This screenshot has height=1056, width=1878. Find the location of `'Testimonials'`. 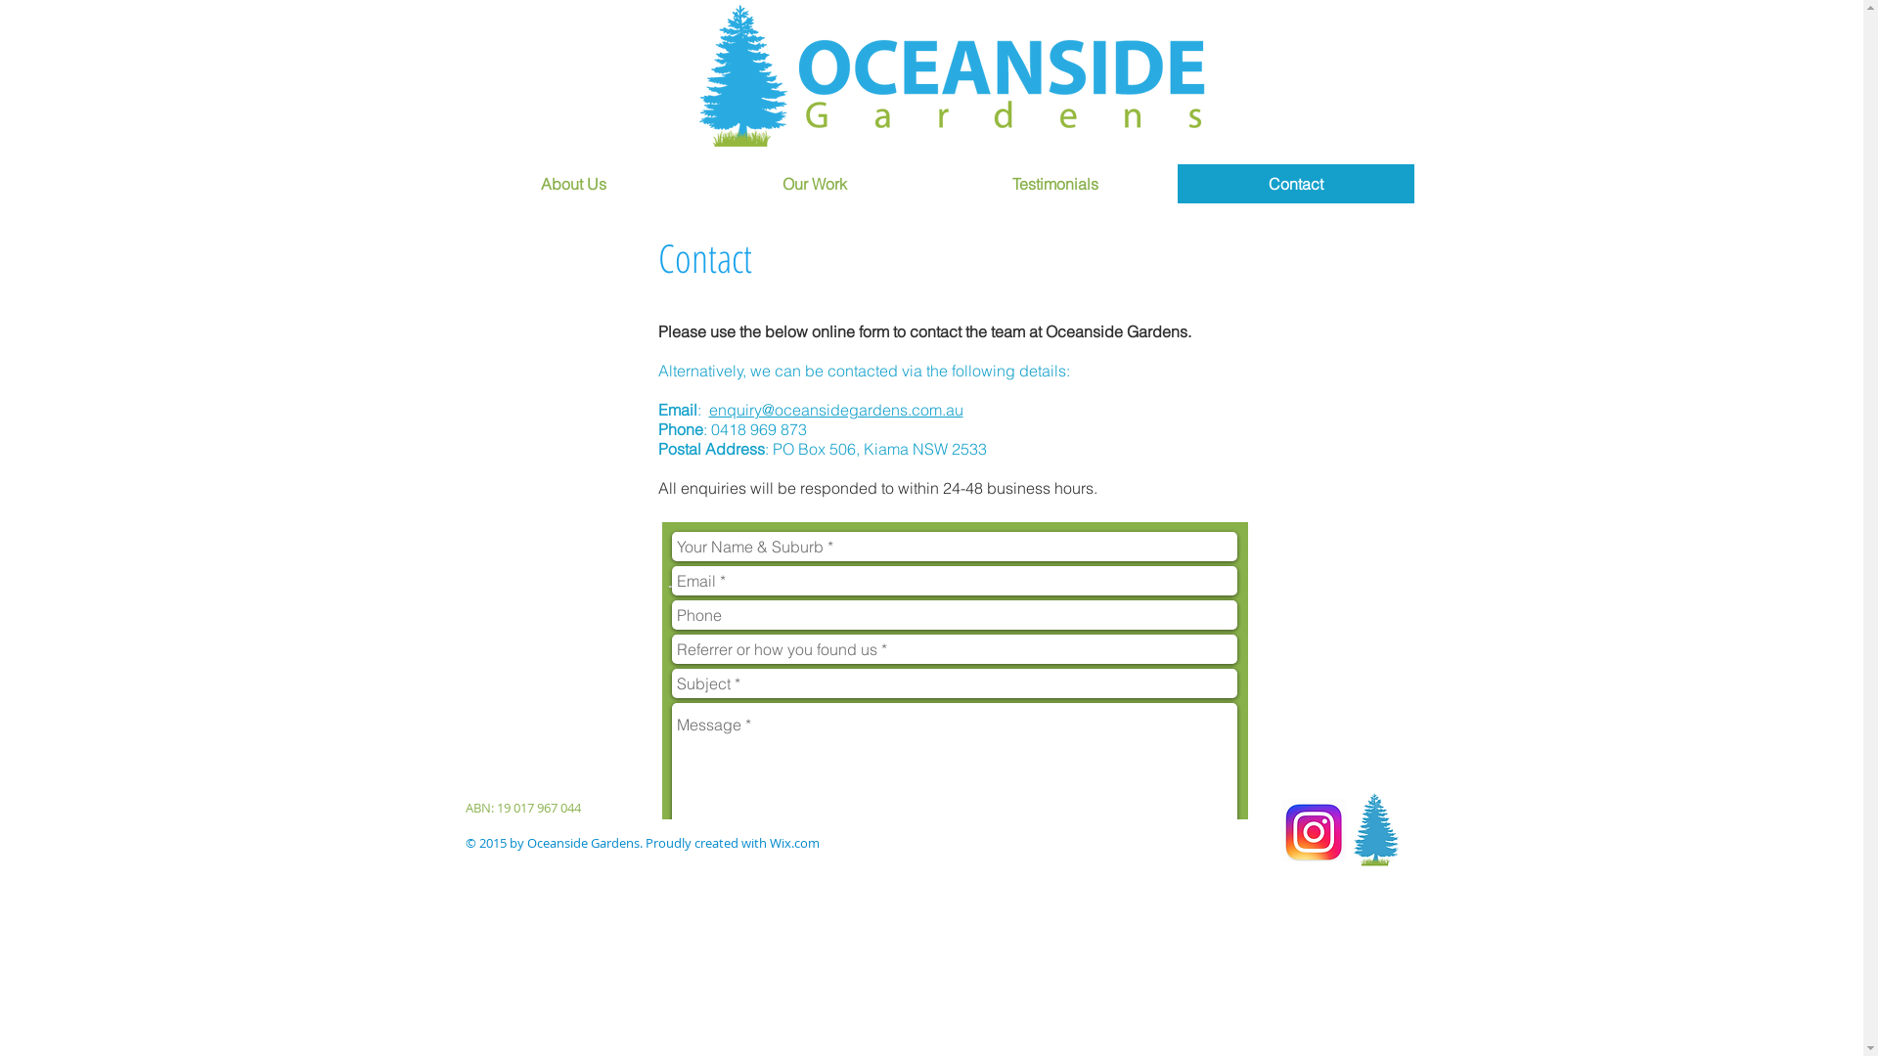

'Testimonials' is located at coordinates (1054, 184).